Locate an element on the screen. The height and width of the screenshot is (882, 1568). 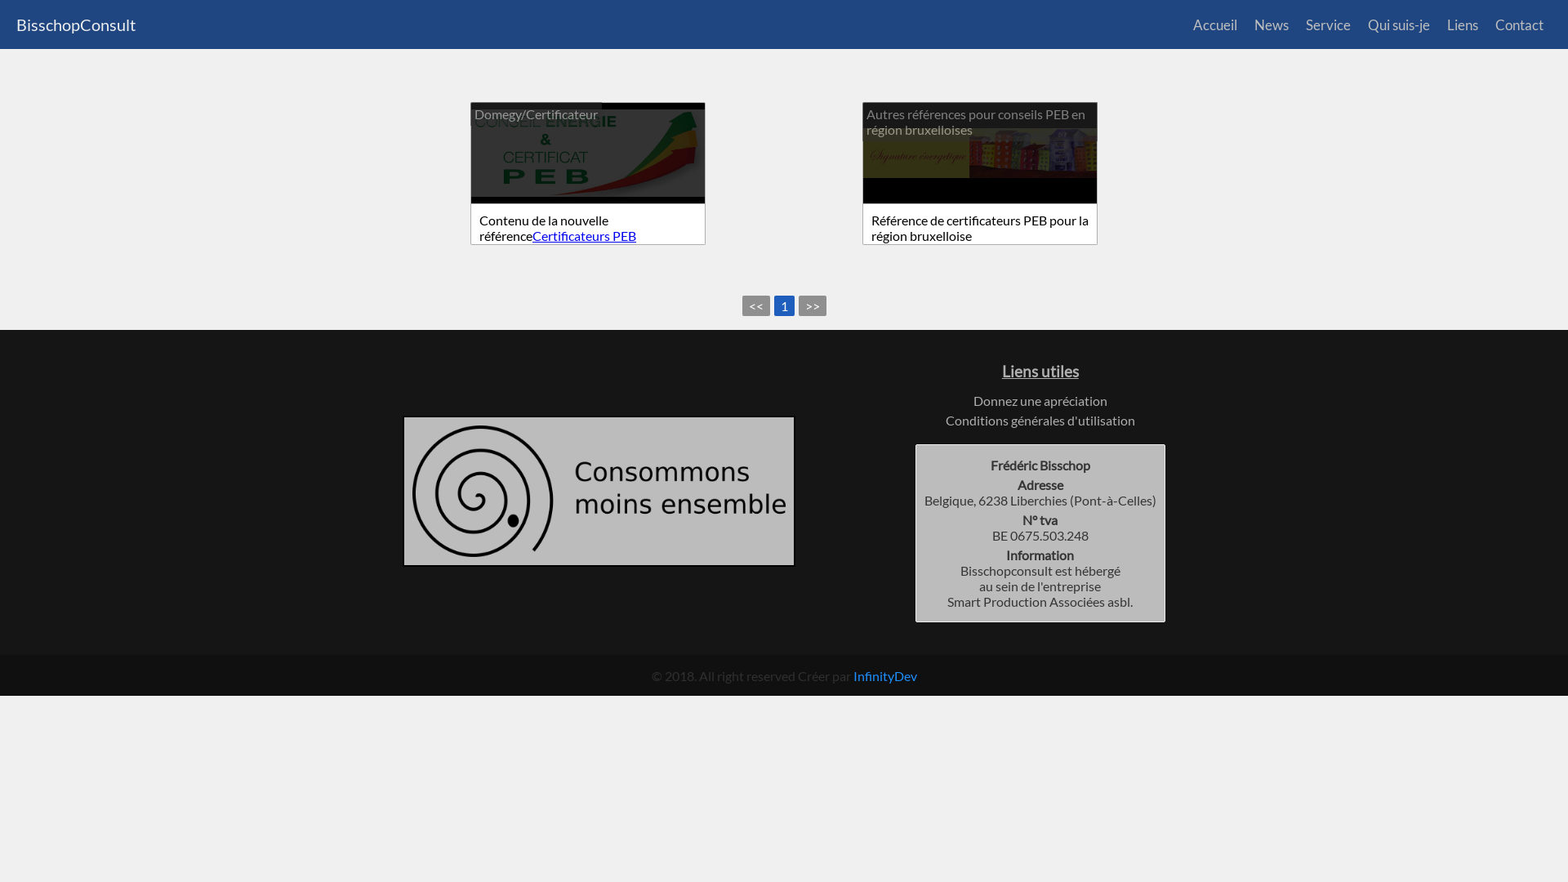
'InfinityDev' is located at coordinates (884, 675).